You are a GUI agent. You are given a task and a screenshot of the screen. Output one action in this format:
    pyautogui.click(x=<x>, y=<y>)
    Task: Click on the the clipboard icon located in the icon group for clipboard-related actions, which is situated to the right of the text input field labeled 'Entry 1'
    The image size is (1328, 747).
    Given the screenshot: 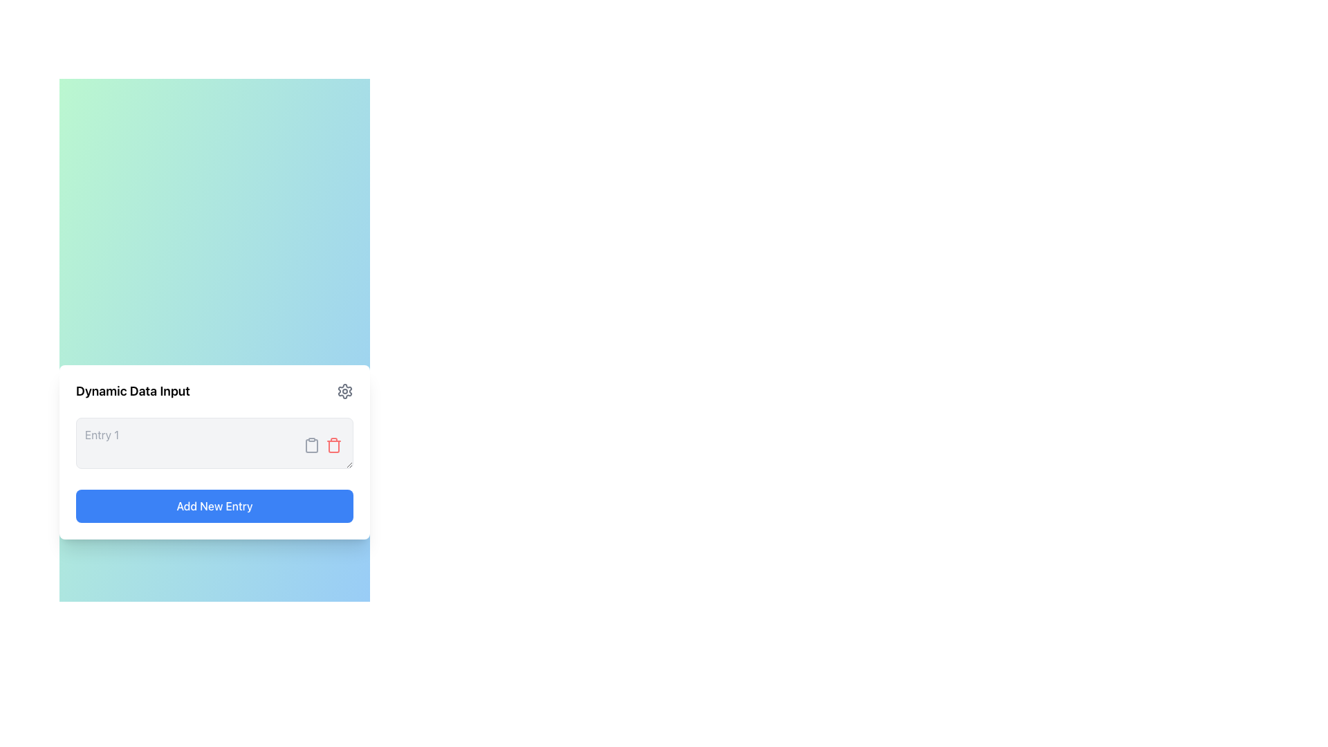 What is the action you would take?
    pyautogui.click(x=322, y=445)
    